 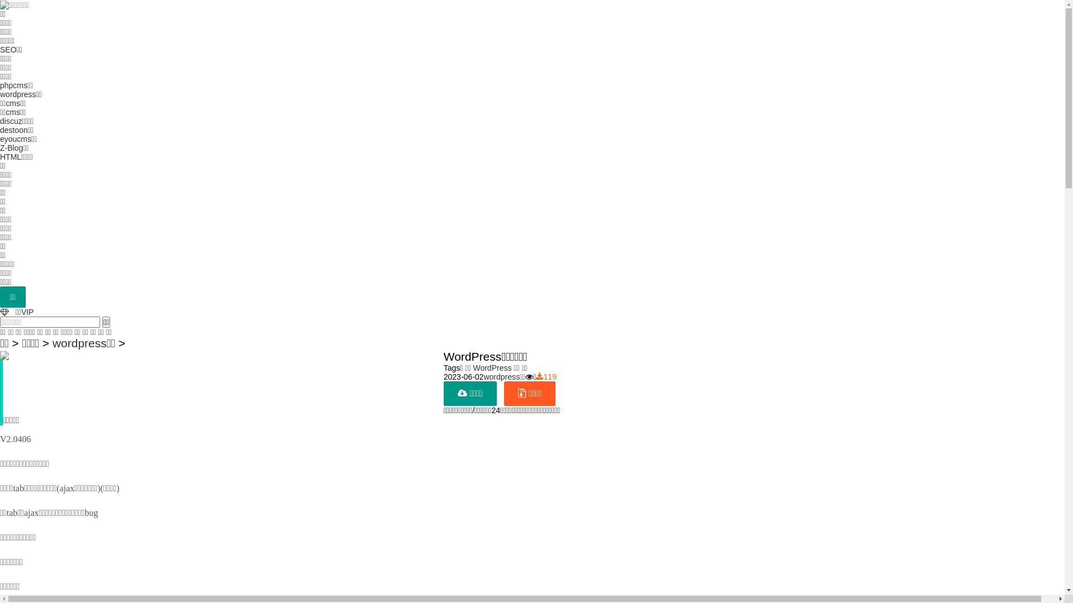 I want to click on 'WordPress', so click(x=492, y=368).